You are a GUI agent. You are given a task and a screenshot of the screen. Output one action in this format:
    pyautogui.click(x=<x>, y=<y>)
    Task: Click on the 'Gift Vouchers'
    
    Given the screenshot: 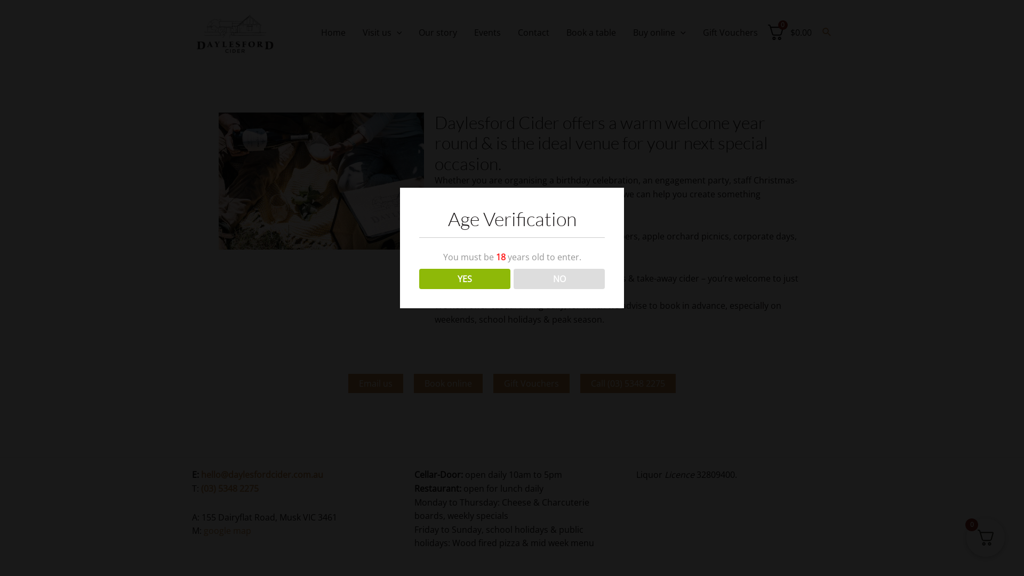 What is the action you would take?
    pyautogui.click(x=531, y=382)
    